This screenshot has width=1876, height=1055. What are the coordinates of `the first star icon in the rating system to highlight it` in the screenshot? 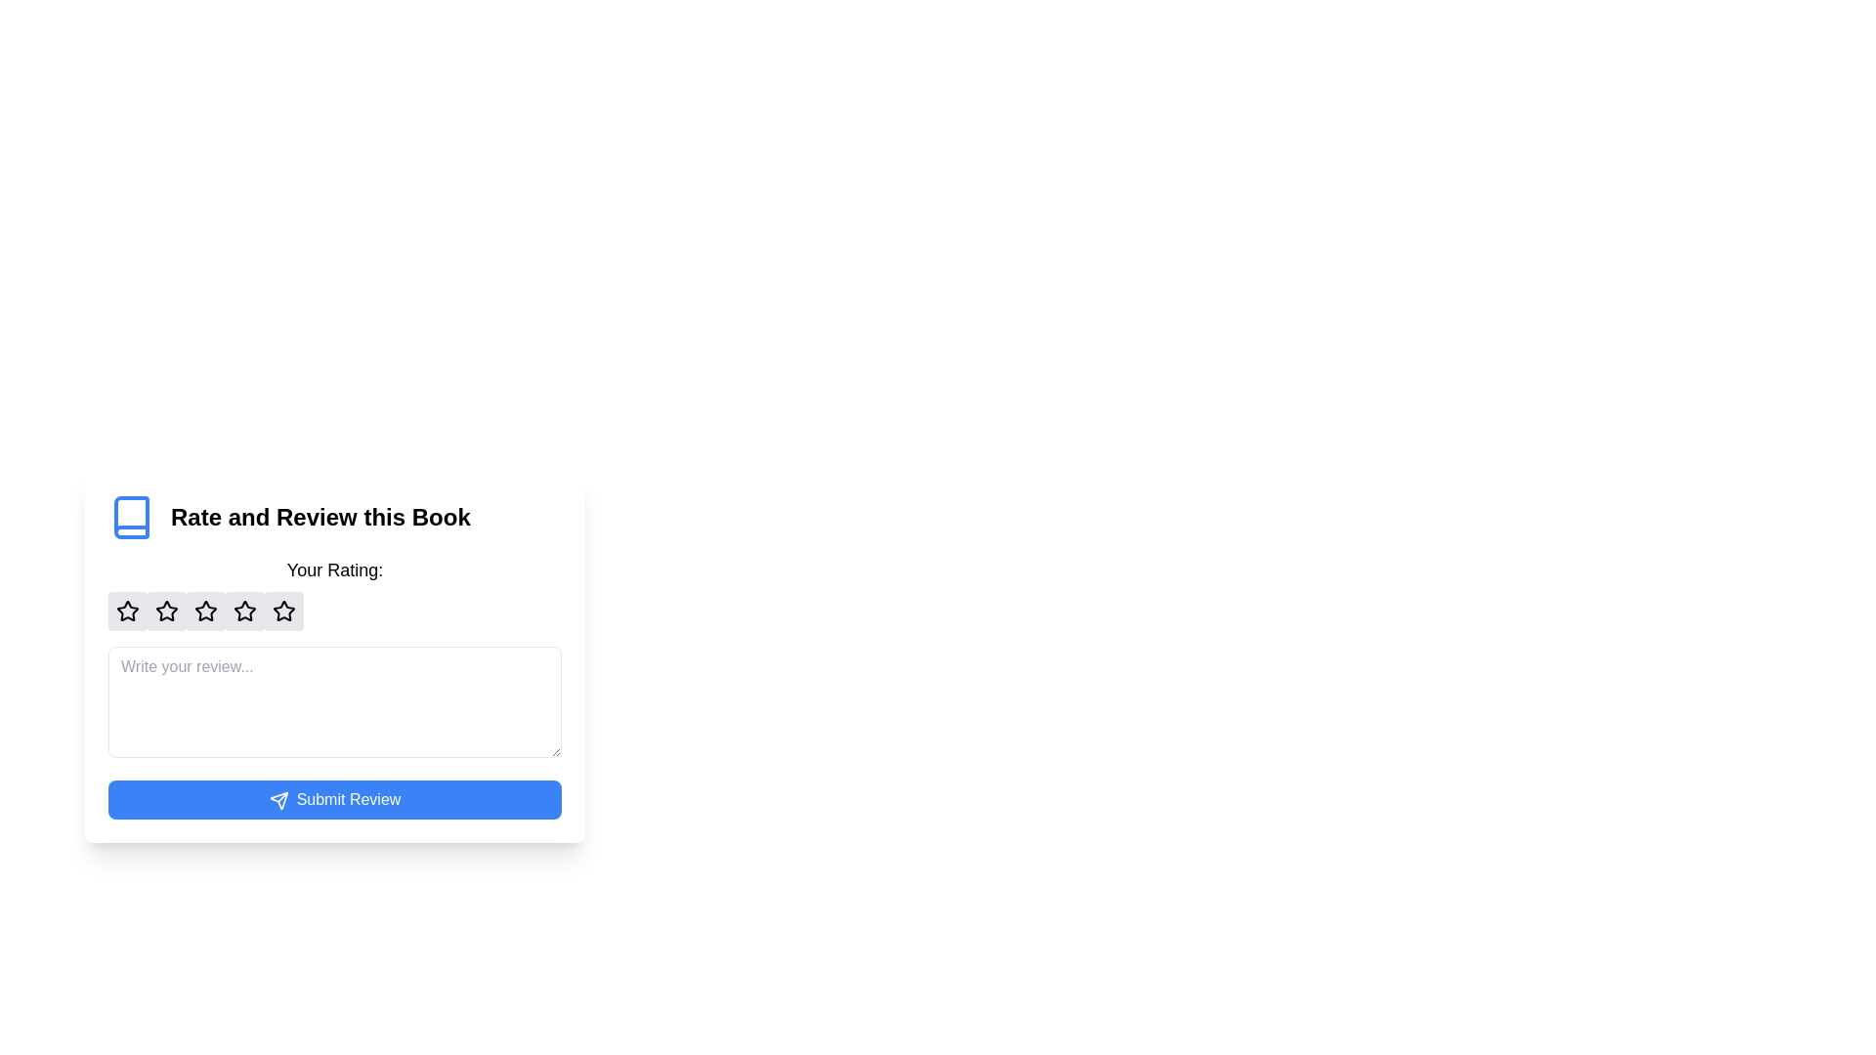 It's located at (167, 610).